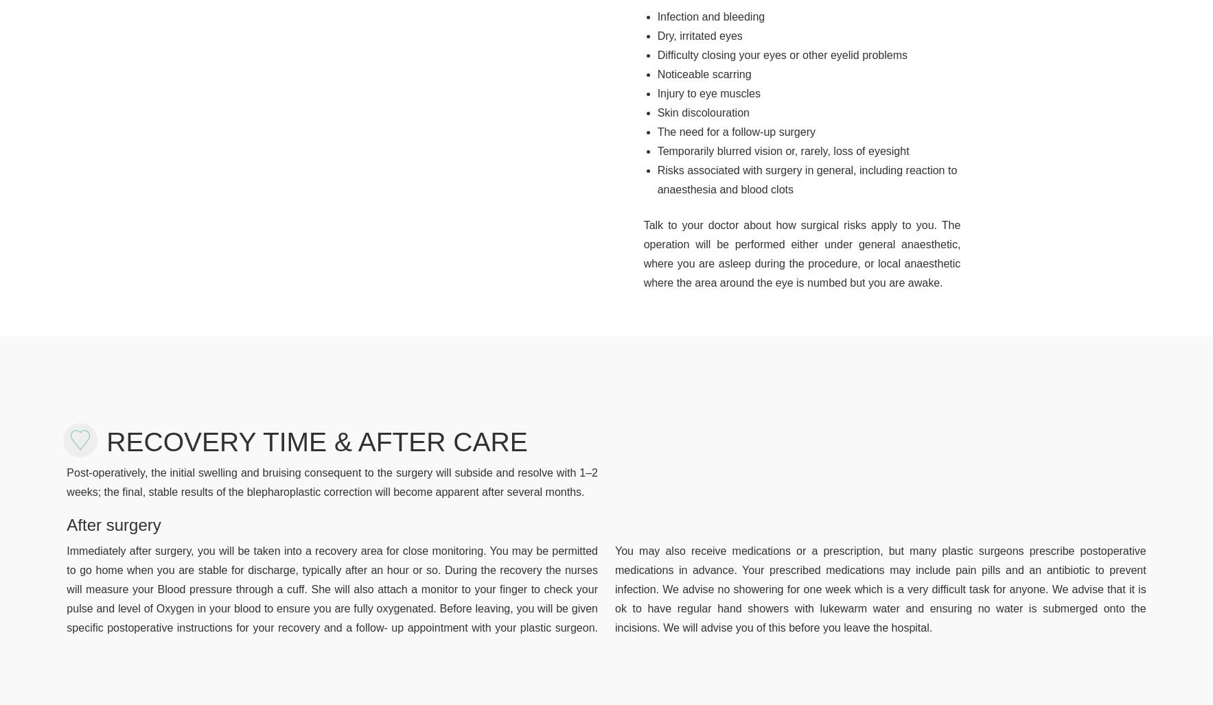  What do you see at coordinates (801, 252) in the screenshot?
I see `'Talk to your doctor about how surgical risks apply to you. The operation will be performed either under general anaesthetic, where you are asleep during the procedure, or local anaesthetic where the area around the eye is numbed but you are awake.'` at bounding box center [801, 252].